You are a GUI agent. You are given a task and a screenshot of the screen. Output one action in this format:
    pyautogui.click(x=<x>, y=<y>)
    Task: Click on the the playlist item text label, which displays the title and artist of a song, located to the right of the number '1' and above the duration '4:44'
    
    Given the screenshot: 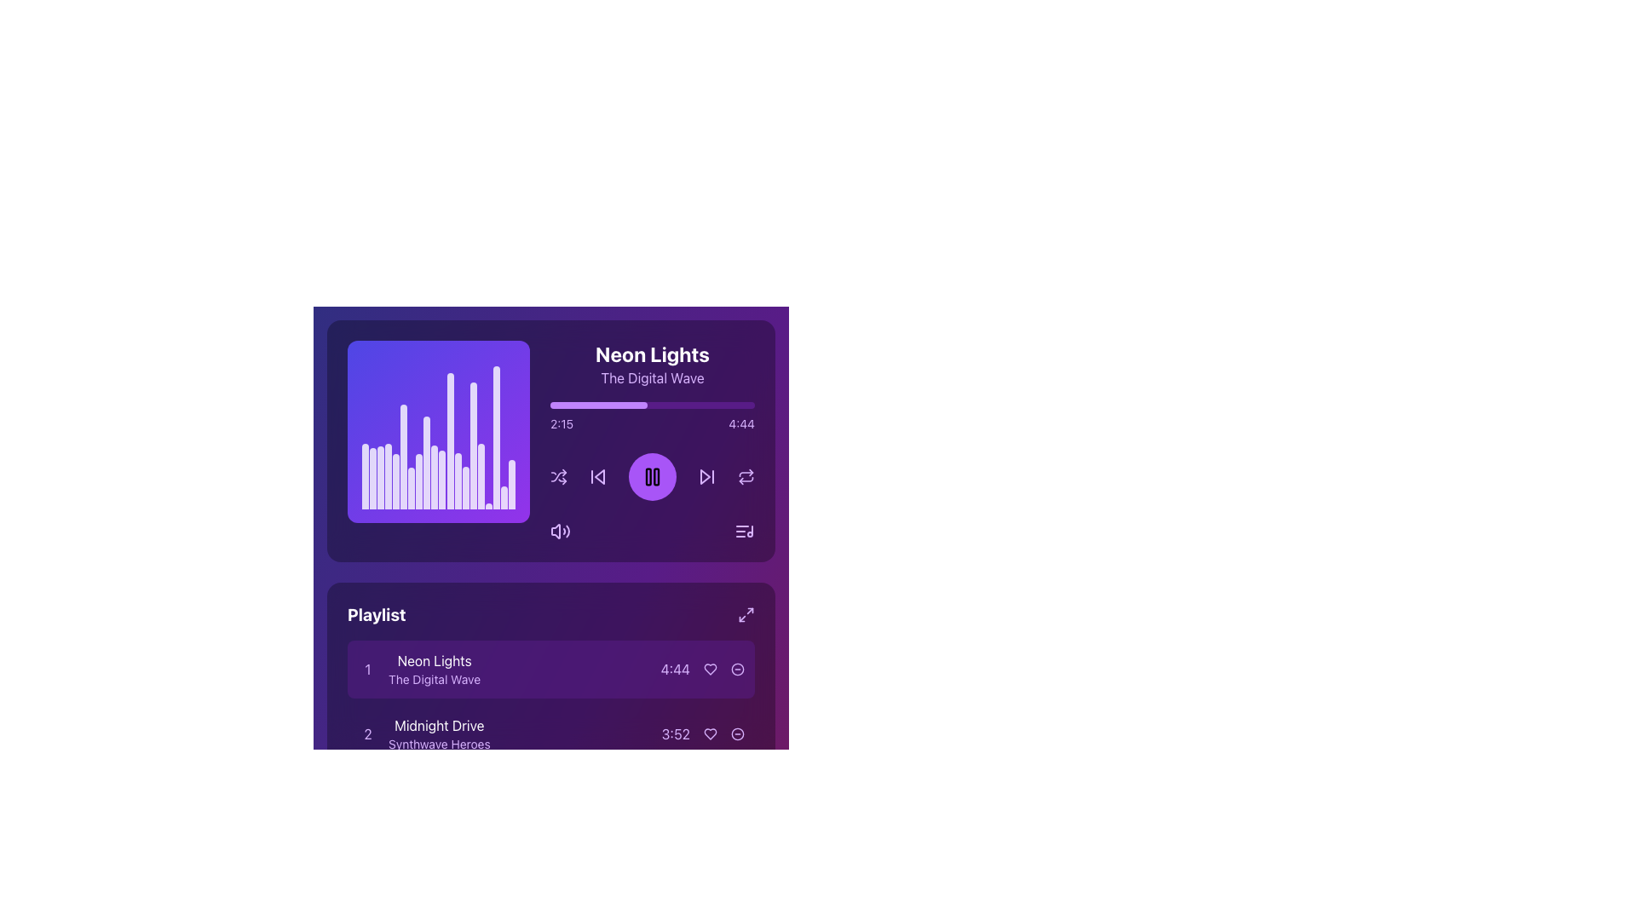 What is the action you would take?
    pyautogui.click(x=435, y=669)
    